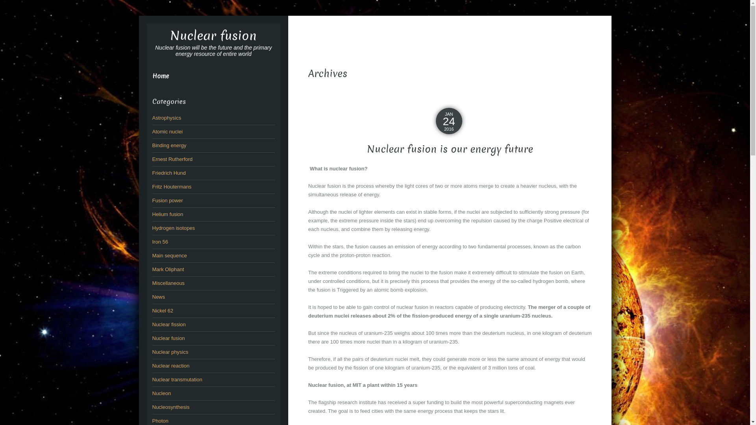  Describe the element at coordinates (152, 118) in the screenshot. I see `'Astrophysics'` at that location.